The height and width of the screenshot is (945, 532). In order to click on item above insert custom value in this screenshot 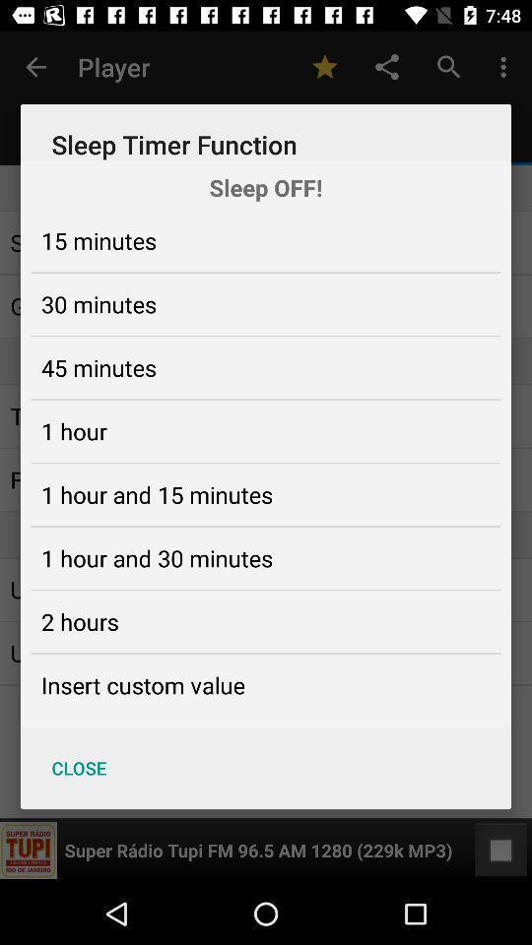, I will do `click(79, 620)`.